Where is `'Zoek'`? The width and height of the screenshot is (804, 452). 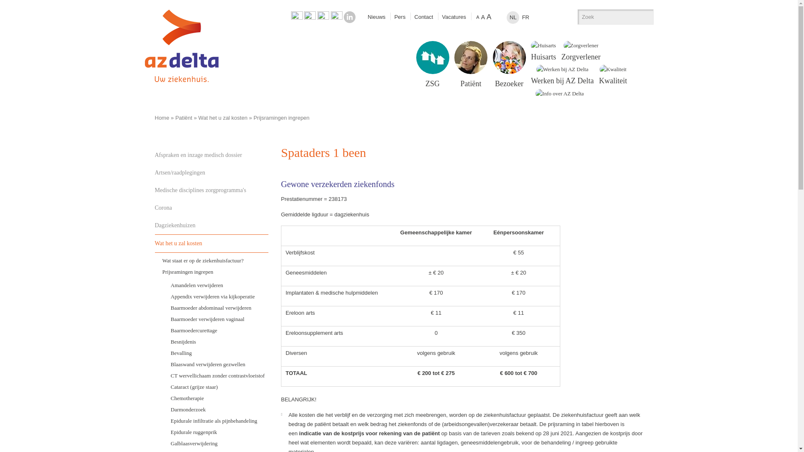
'Zoek' is located at coordinates (643, 17).